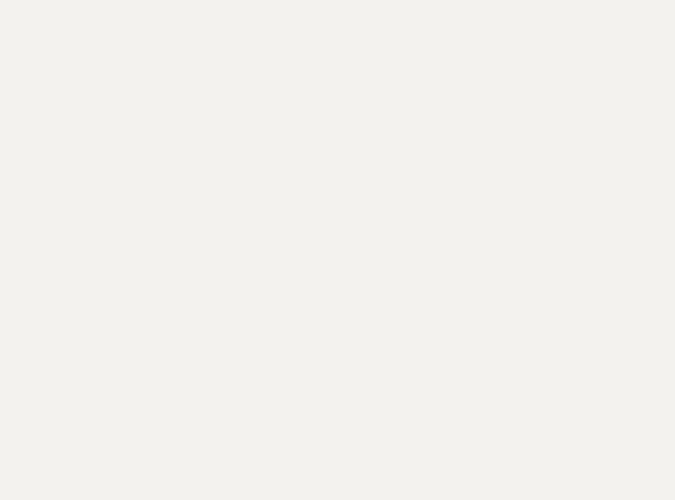 This screenshot has width=675, height=500. Describe the element at coordinates (353, 209) in the screenshot. I see `'and'` at that location.